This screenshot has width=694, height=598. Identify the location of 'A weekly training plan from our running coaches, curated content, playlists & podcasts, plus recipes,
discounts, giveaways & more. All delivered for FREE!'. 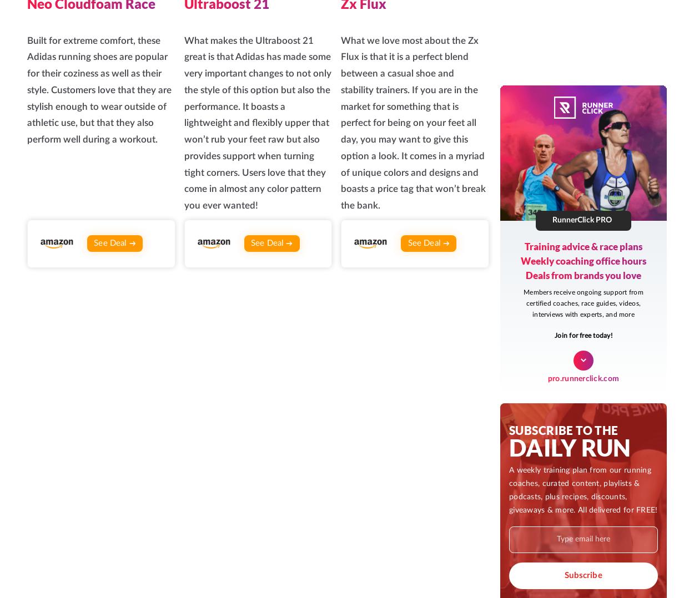
(268, 383).